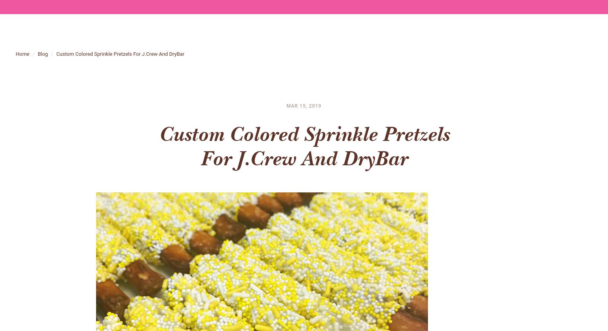 Image resolution: width=608 pixels, height=331 pixels. Describe the element at coordinates (170, 58) in the screenshot. I see `'DryBar'` at that location.